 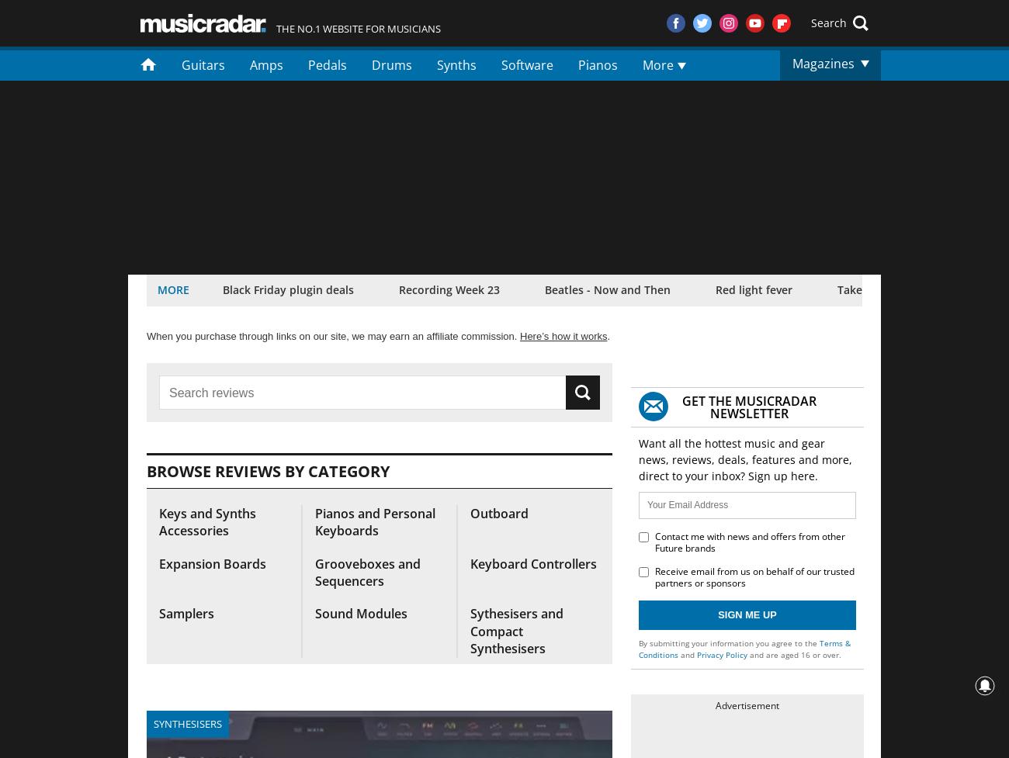 I want to click on '.', so click(x=608, y=336).